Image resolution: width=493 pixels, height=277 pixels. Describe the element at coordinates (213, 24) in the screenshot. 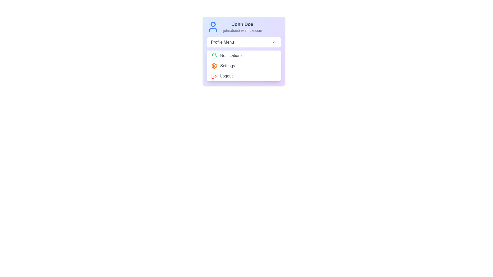

I see `the decorative circular graphical element with a blue border and light blue fill located in the top-left corner of the profile card interface, above the user's name 'John Doe'` at that location.